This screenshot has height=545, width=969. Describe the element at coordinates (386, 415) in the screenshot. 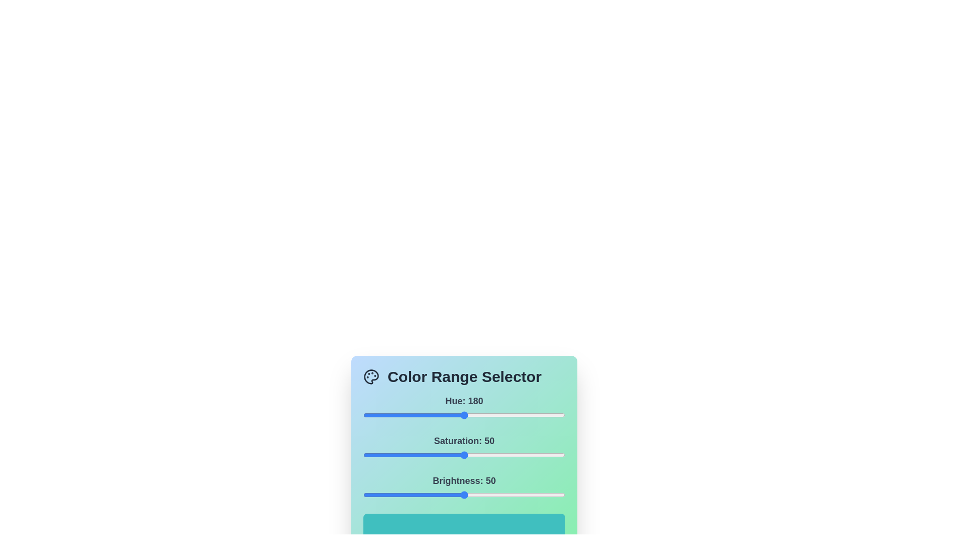

I see `the 0 slider to 42` at that location.